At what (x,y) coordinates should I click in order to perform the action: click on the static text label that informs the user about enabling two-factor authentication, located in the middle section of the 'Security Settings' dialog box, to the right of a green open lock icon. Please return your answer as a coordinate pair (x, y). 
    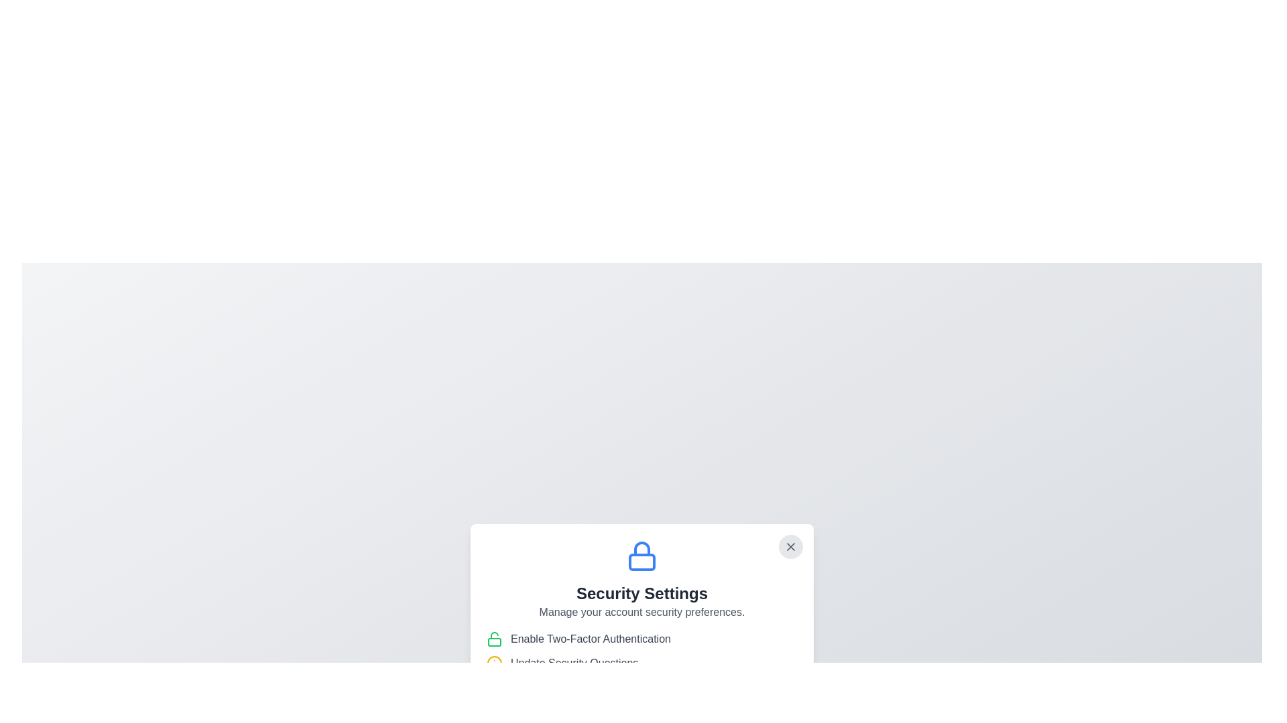
    Looking at the image, I should click on (590, 639).